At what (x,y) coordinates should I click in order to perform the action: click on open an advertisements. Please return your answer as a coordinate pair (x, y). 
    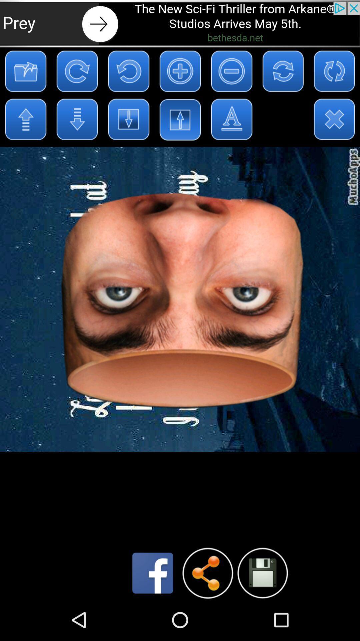
    Looking at the image, I should click on (180, 23).